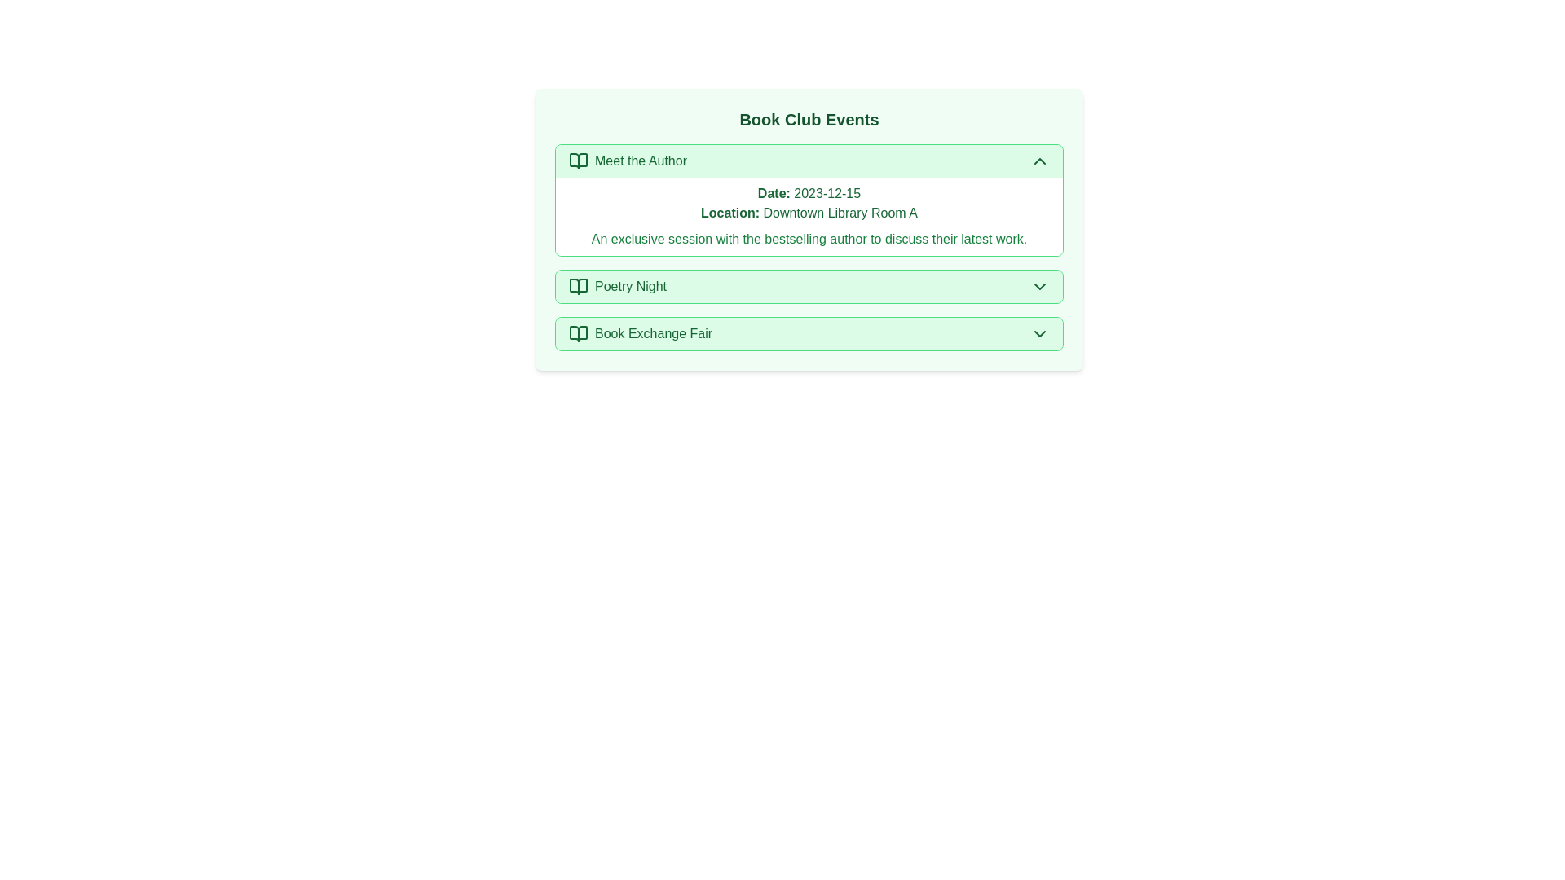 The image size is (1565, 880). Describe the element at coordinates (629, 285) in the screenshot. I see `the text label 'Poetry Night', which is the second option in the vertical list of event cards under the 'Book Club Events' header, to enable potential interactions` at that location.